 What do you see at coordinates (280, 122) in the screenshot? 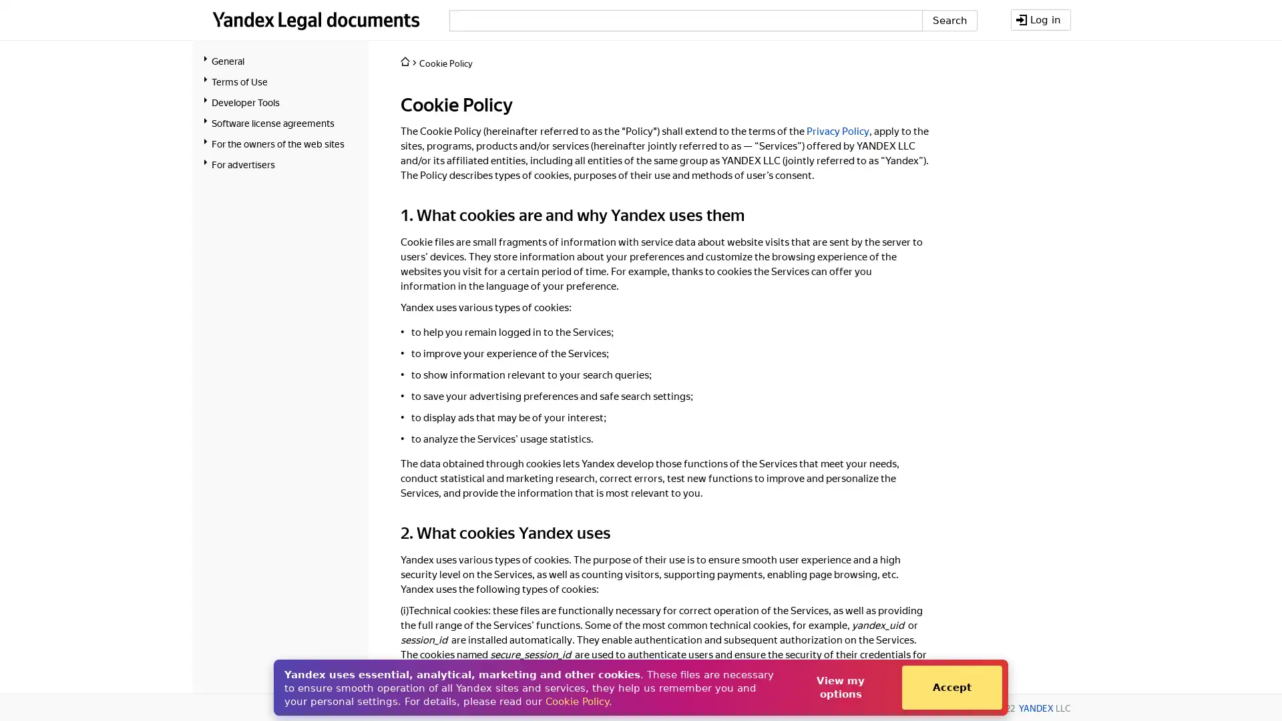
I see `Software license agreements` at bounding box center [280, 122].